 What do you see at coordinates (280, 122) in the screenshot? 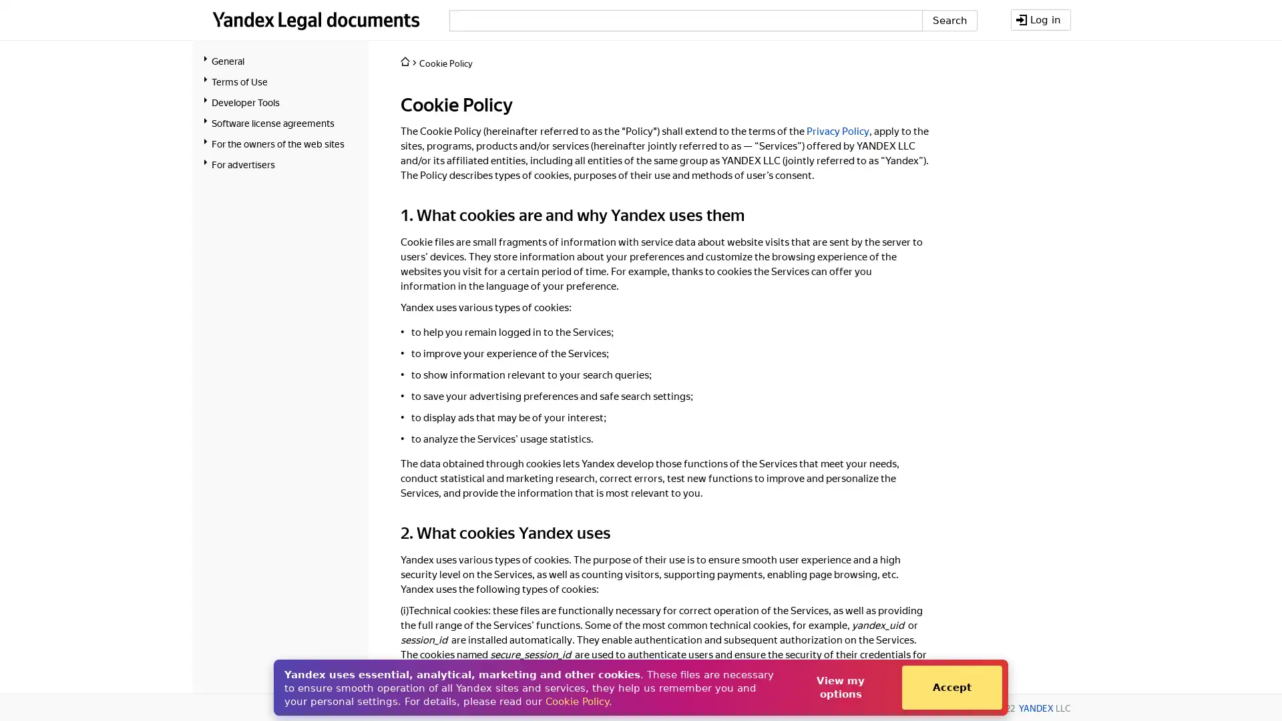
I see `Software license agreements` at bounding box center [280, 122].